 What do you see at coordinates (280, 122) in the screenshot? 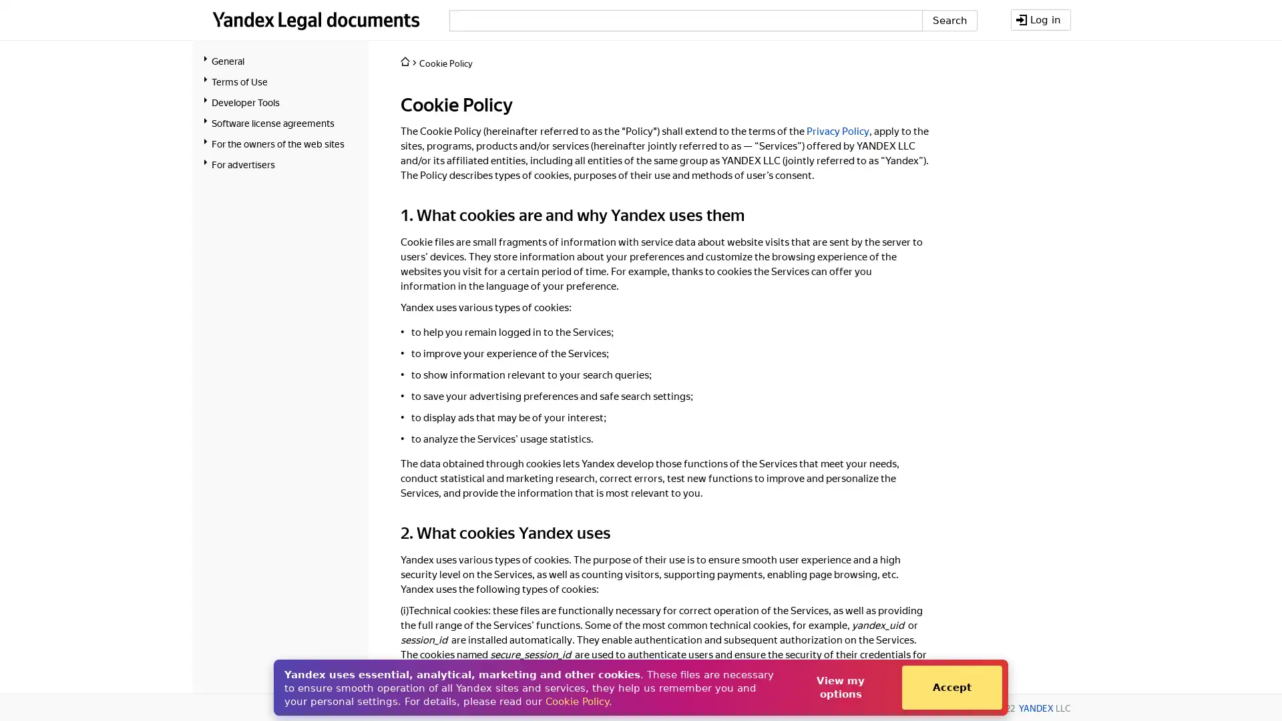
I see `Software license agreements` at bounding box center [280, 122].